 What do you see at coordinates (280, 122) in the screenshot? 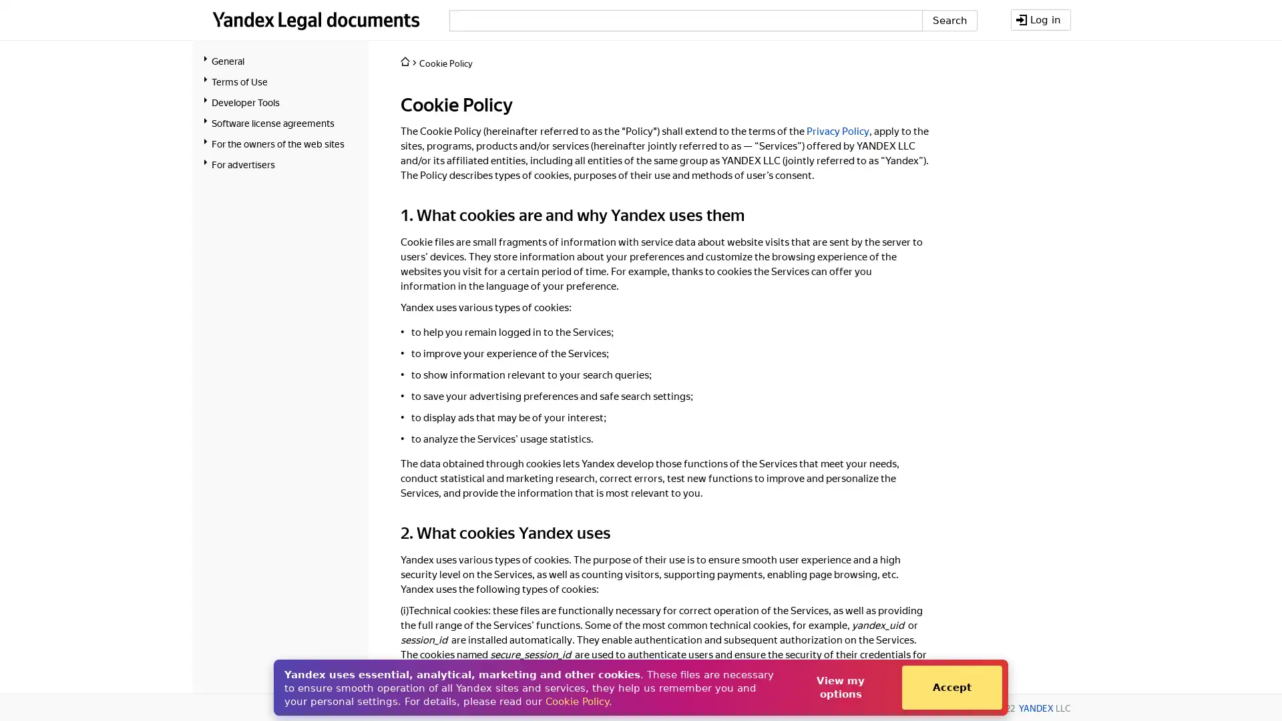
I see `Software license agreements` at bounding box center [280, 122].